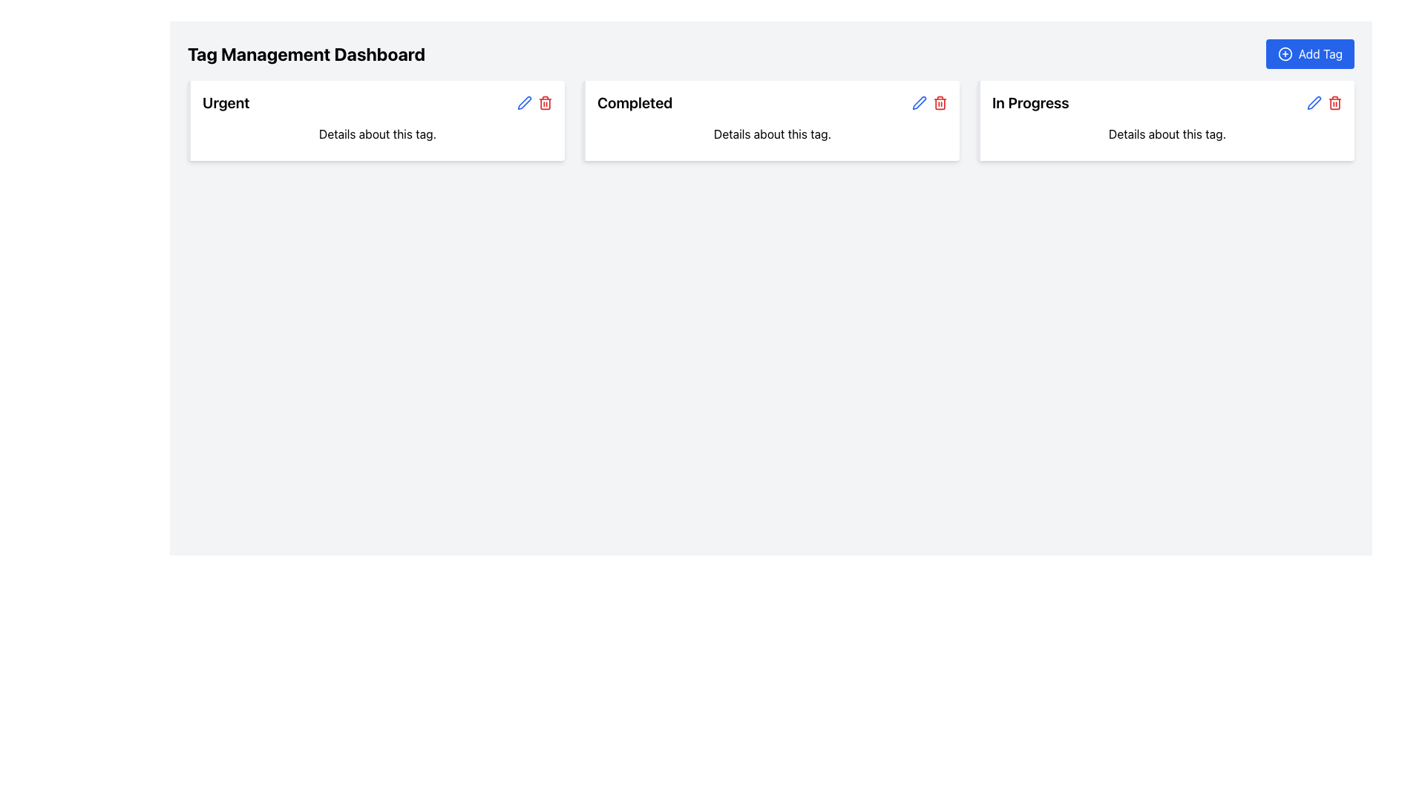 Image resolution: width=1425 pixels, height=801 pixels. What do you see at coordinates (1335, 102) in the screenshot?
I see `the red-colored trash bin icon located at the far right within the 'In Progress' category` at bounding box center [1335, 102].